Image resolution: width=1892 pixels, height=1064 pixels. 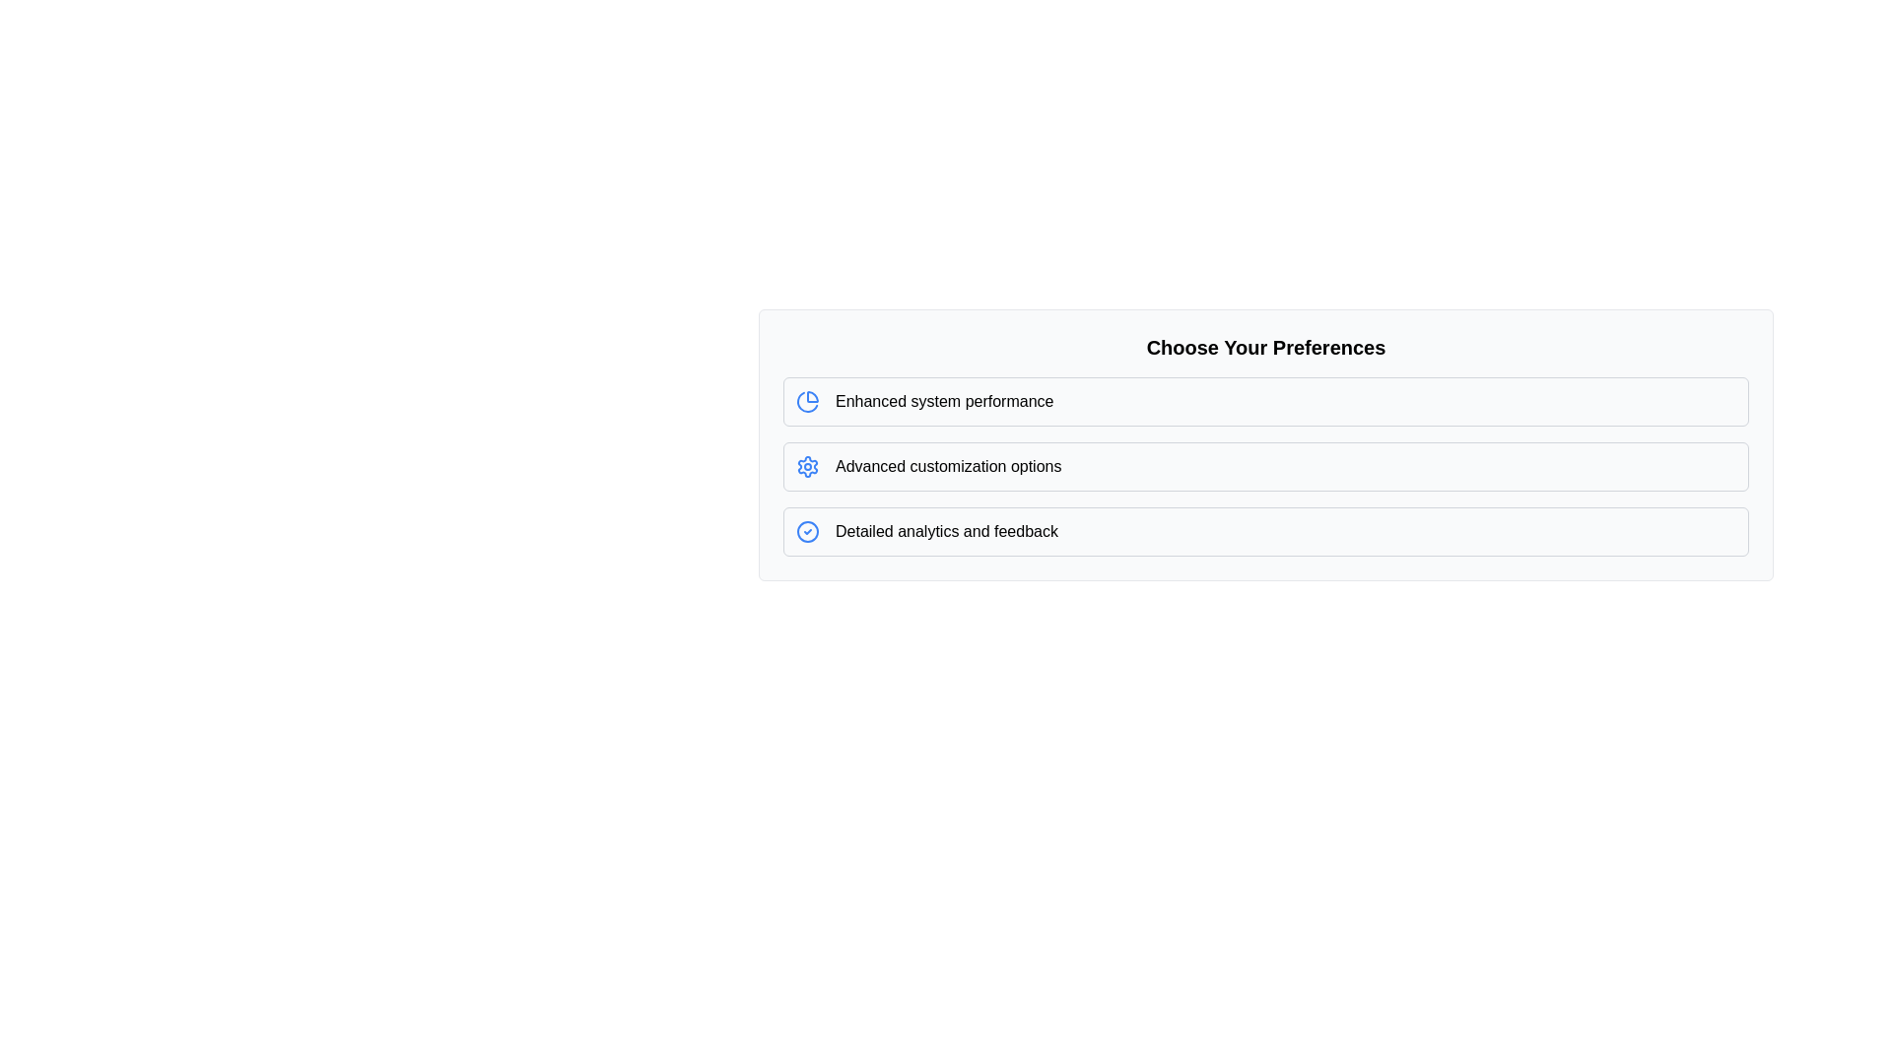 I want to click on the leftmost icon indicating the selection of 'Detailed analytics and feedback' for status indication, so click(x=808, y=532).